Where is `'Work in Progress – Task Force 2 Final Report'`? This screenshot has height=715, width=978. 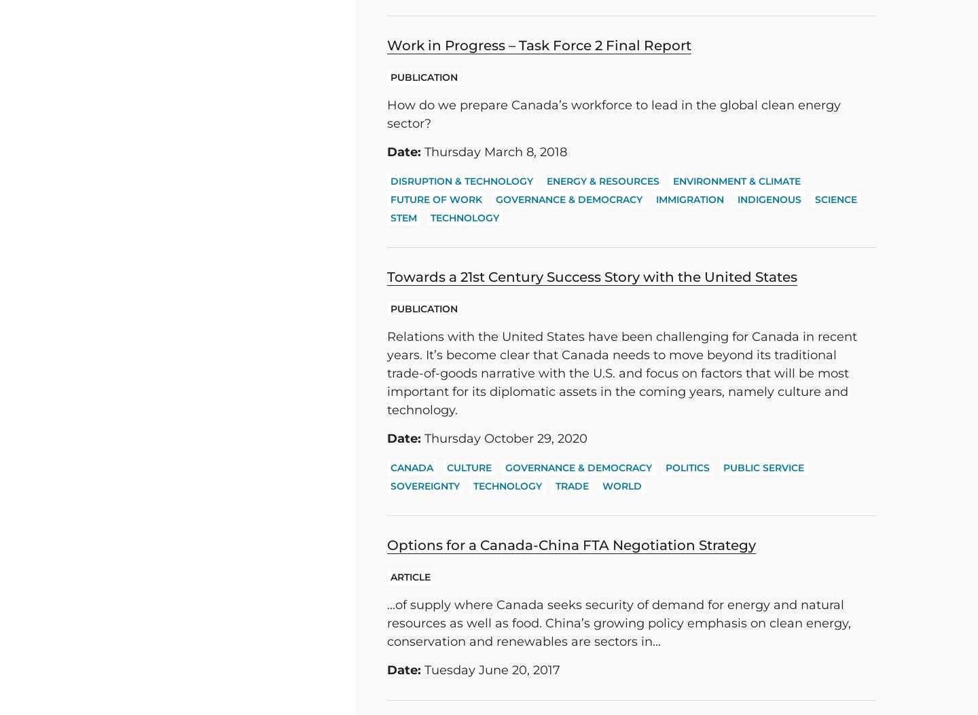
'Work in Progress – Task Force 2 Final Report' is located at coordinates (539, 44).